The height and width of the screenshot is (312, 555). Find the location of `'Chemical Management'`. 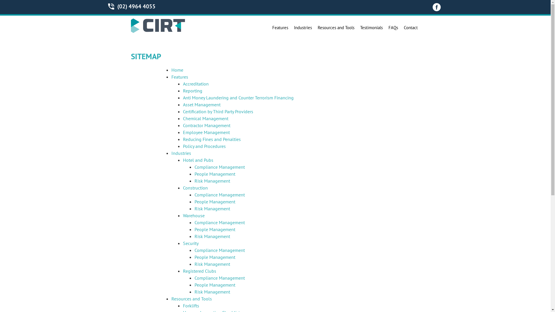

'Chemical Management' is located at coordinates (205, 118).